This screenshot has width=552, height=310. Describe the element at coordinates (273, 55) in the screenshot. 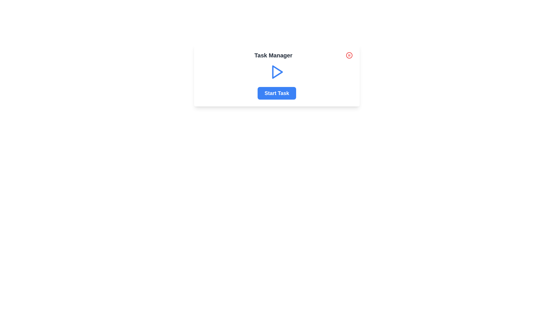

I see `the Text Label that serves as a header for the task management section, which is positioned to the left of a small red pause icon` at that location.